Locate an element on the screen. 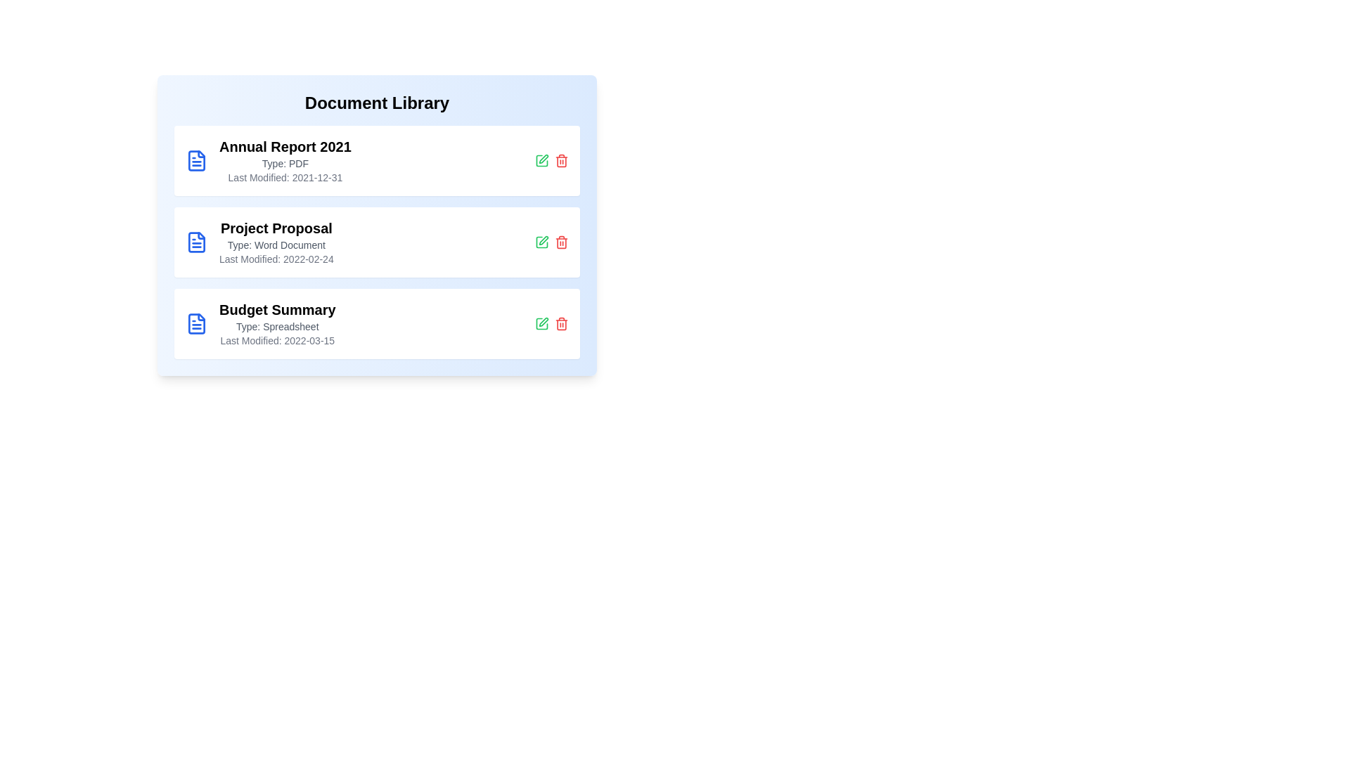  the document entry for Budget Summary to view its details is located at coordinates (377, 324).